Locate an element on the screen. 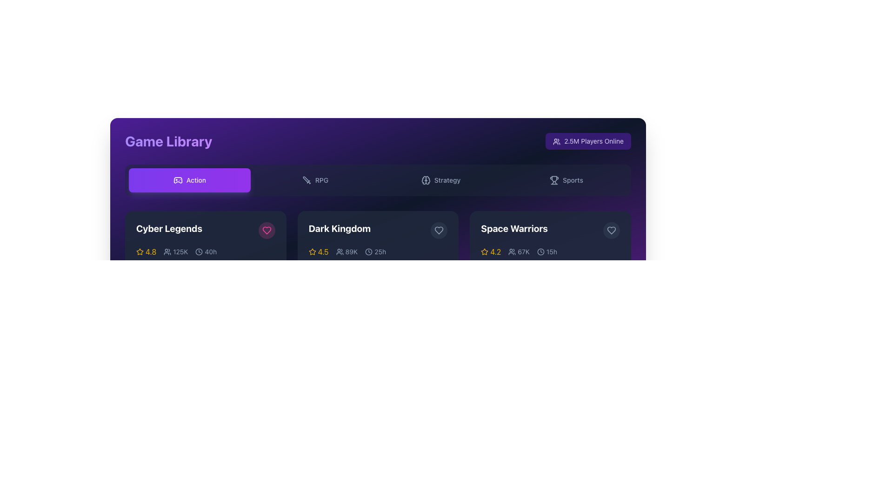  the textual rating value '4.2' displayed in yellow font, which is located on the bottom part of the 'Space Warriors' tile and positioned to the immediate right of a yellow outline star icon is located at coordinates (490, 252).